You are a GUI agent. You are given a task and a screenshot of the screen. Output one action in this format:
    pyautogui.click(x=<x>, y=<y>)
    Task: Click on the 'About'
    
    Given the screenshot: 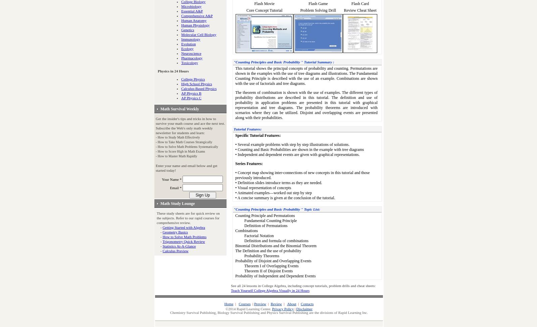 What is the action you would take?
    pyautogui.click(x=291, y=303)
    